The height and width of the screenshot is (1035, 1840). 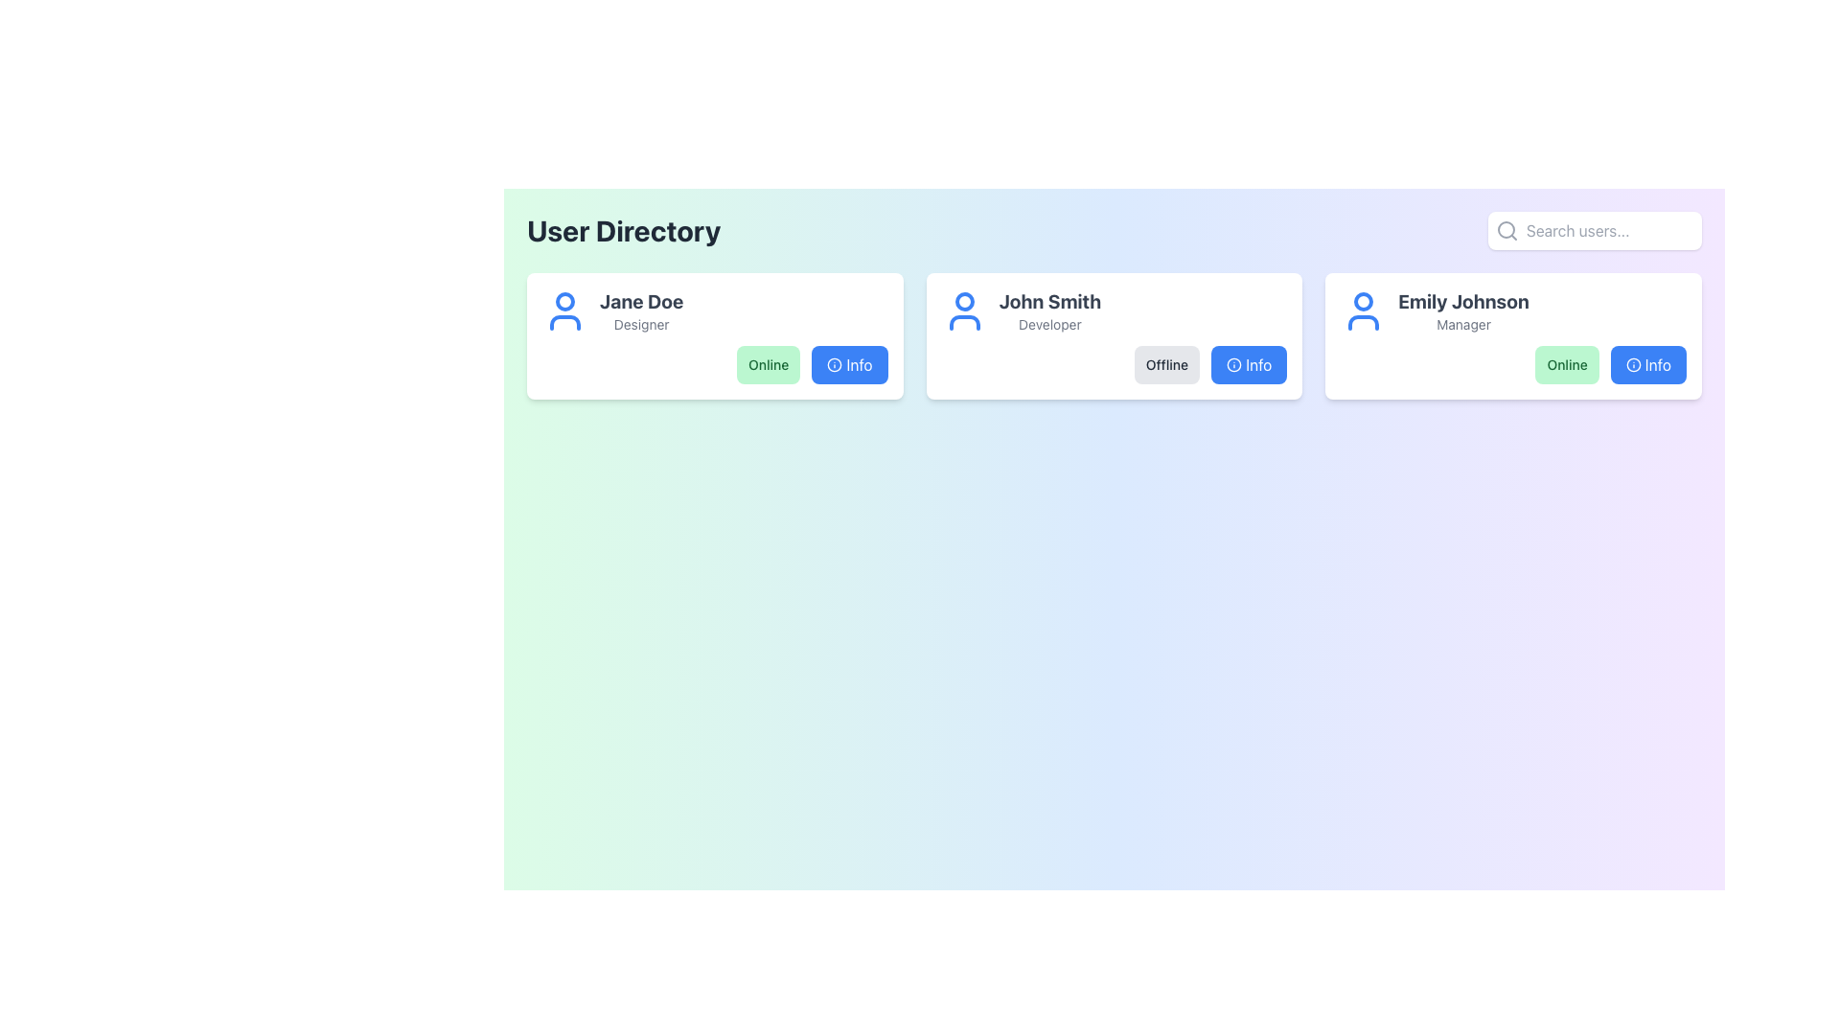 What do you see at coordinates (564, 310) in the screenshot?
I see `the blue user silhouette icon located at the far left of the user information card, adjacent to the name 'Jane Doe' and job title 'Designer'` at bounding box center [564, 310].